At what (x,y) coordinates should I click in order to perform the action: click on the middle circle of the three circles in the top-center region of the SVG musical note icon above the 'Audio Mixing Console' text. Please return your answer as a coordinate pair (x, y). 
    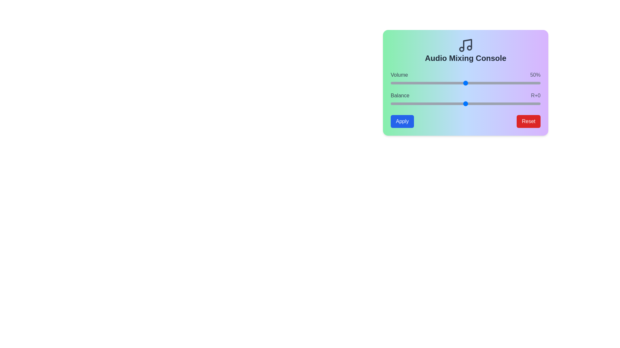
    Looking at the image, I should click on (461, 49).